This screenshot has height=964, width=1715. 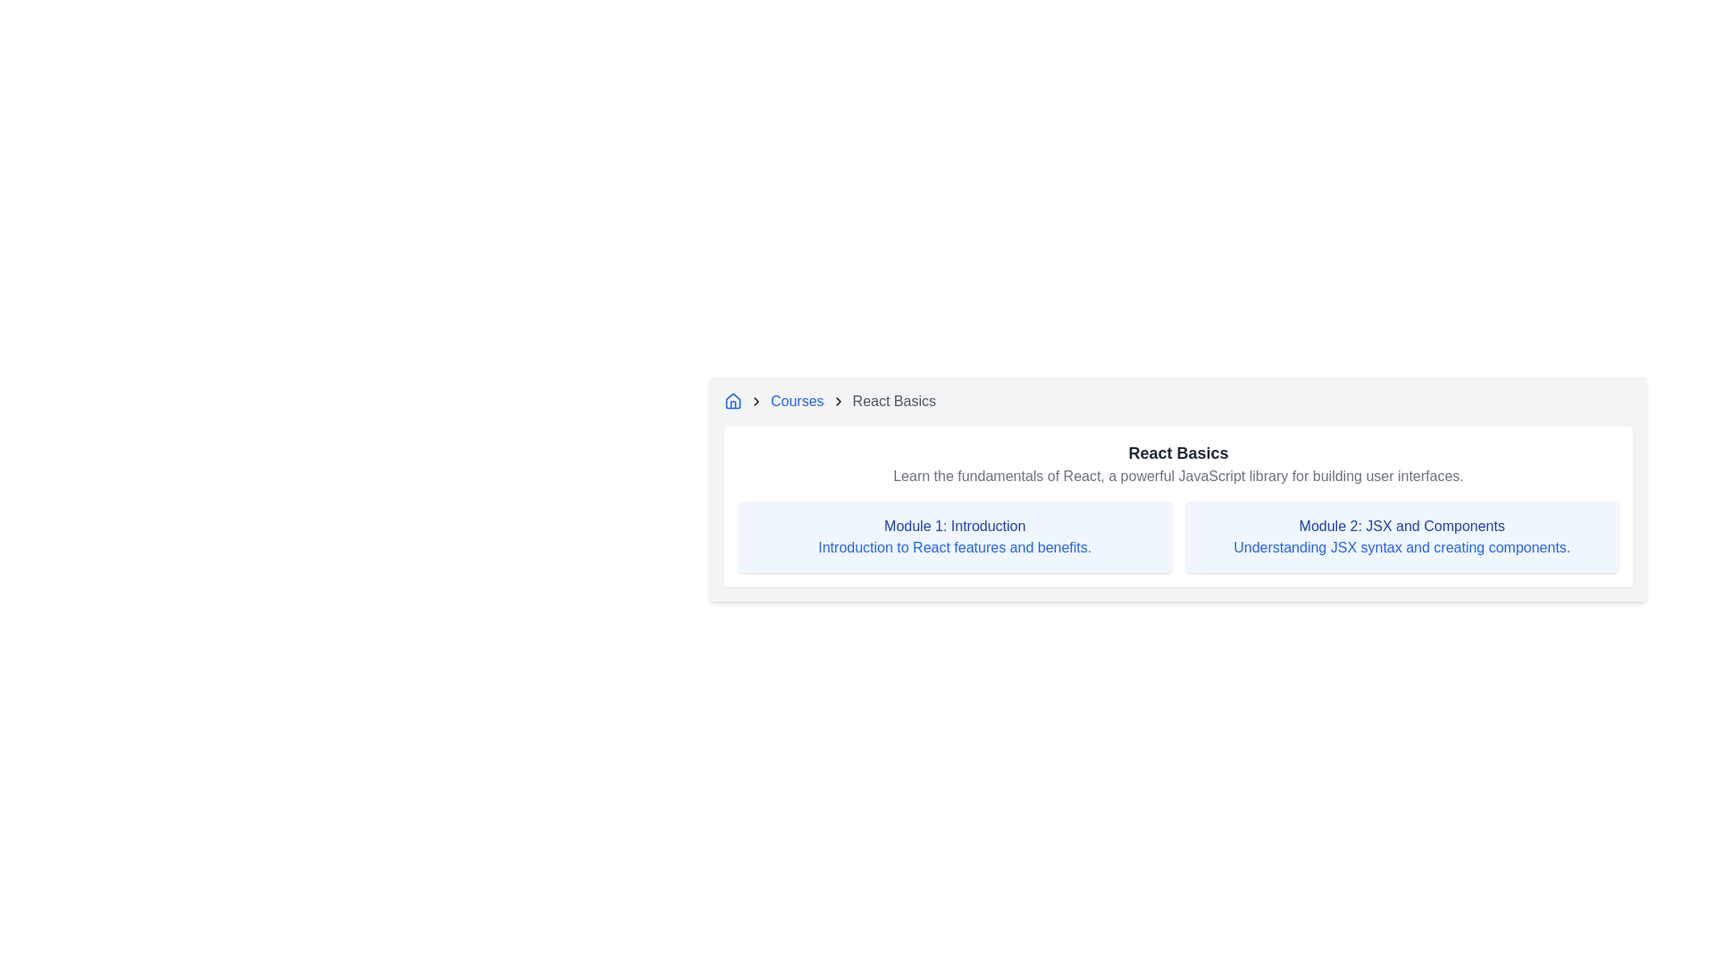 What do you see at coordinates (756, 402) in the screenshot?
I see `the second chevron icon in the breadcrumb navigation bar, located between the home icon and the 'Courses' text link` at bounding box center [756, 402].